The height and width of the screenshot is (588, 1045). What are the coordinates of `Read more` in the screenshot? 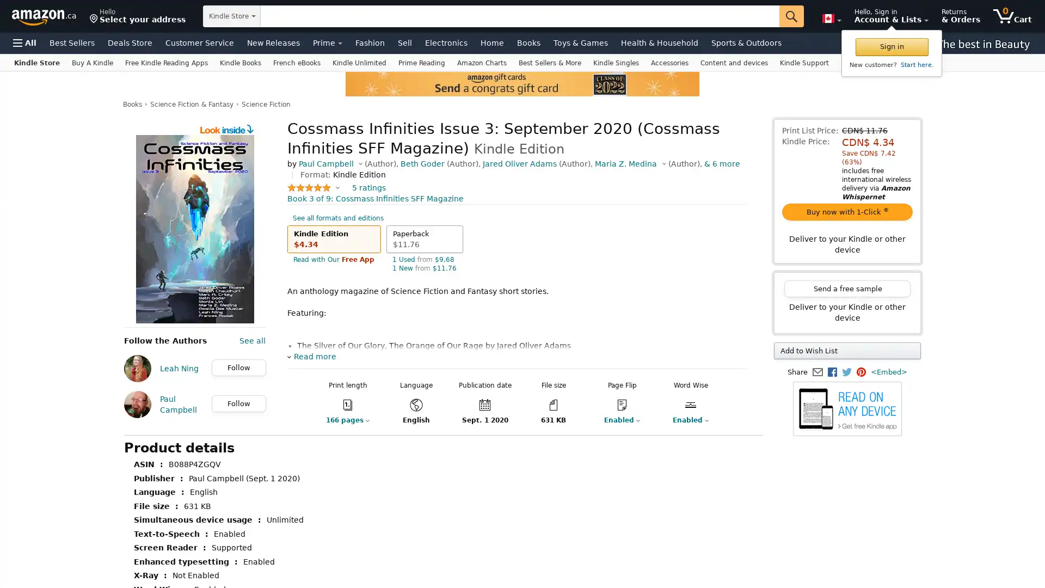 It's located at (311, 357).